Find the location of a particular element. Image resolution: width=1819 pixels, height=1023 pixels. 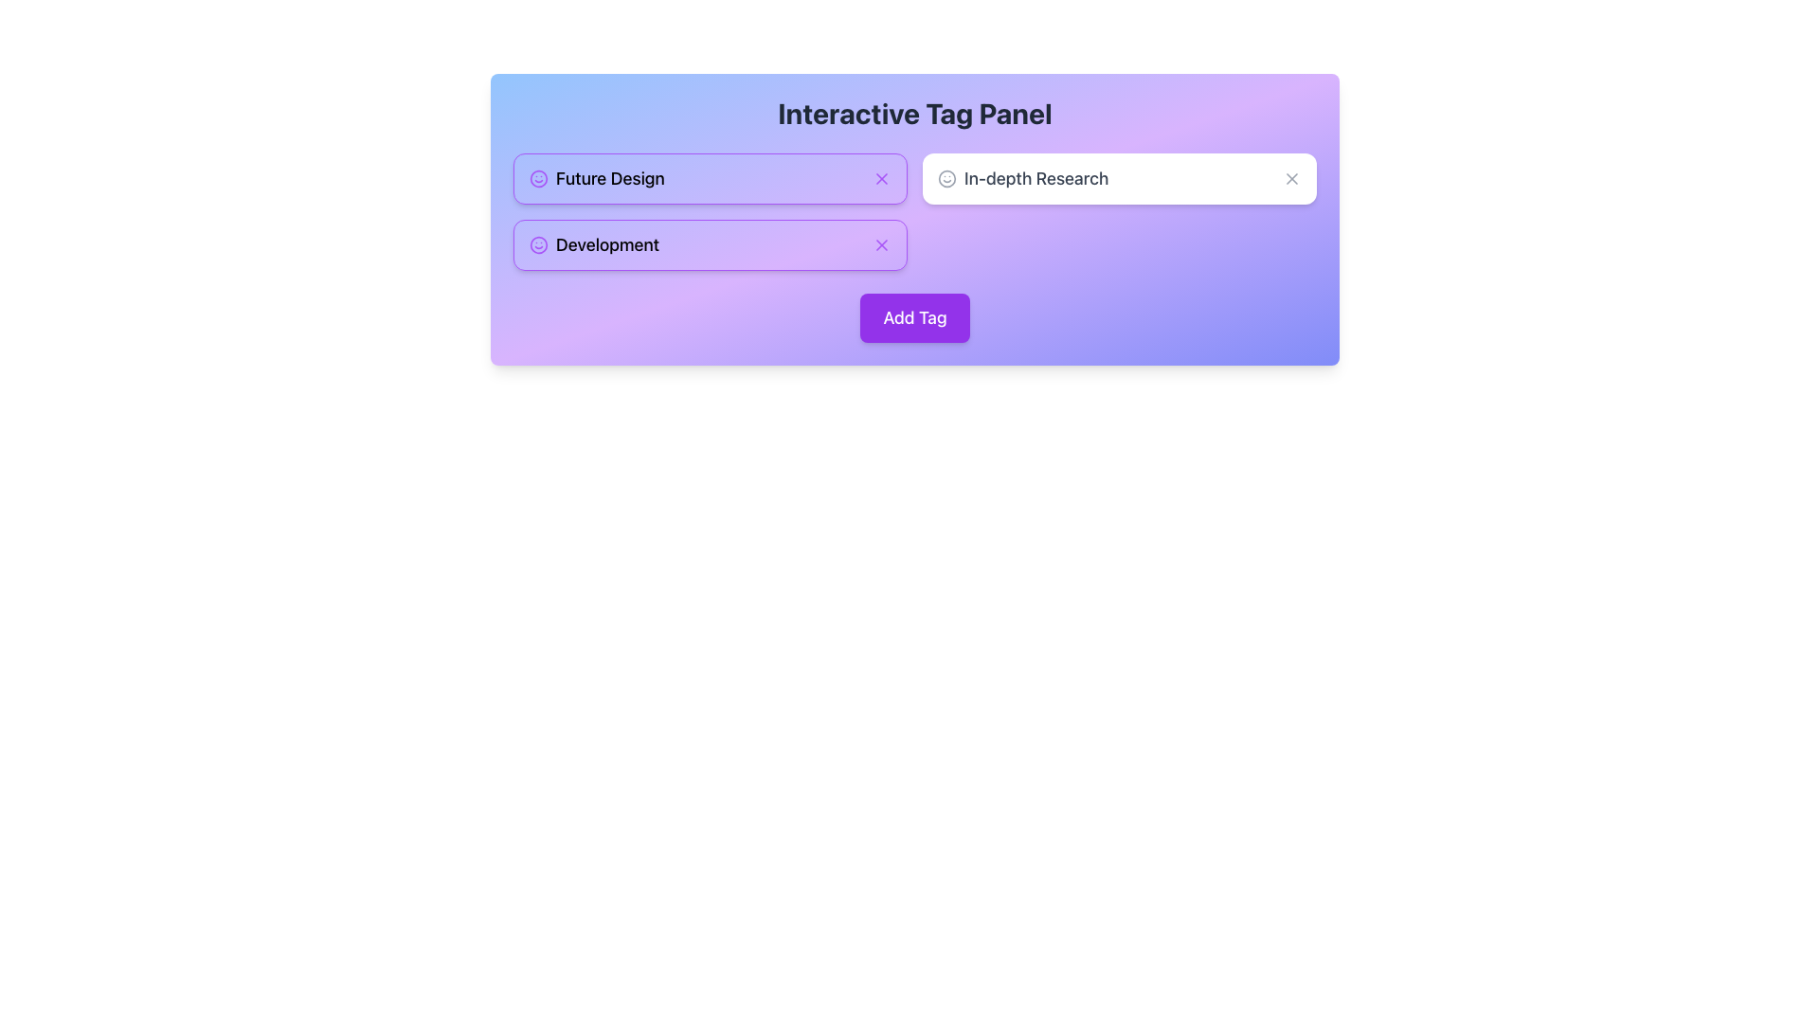

the 'Future Design' text with a purple smiley-face icon, which is the first item is located at coordinates (596, 179).